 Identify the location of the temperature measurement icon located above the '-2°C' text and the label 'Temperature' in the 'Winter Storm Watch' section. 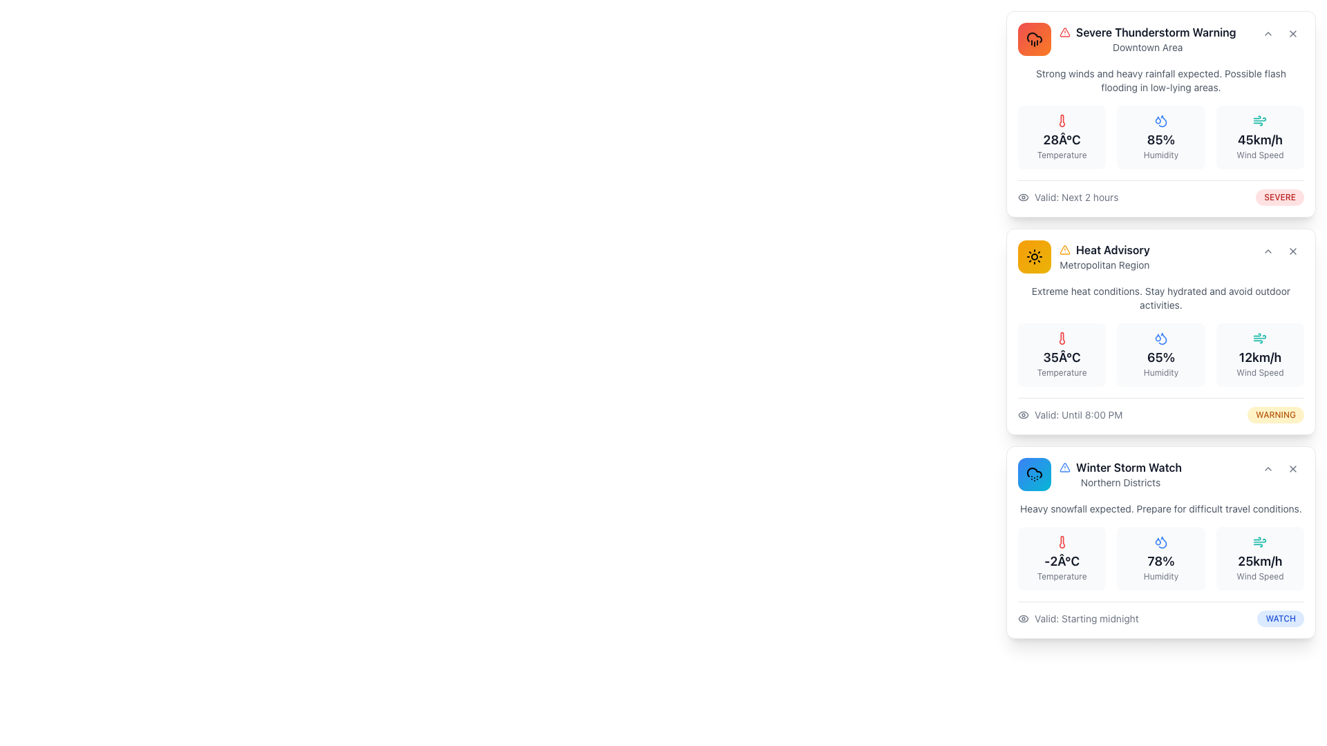
(1061, 542).